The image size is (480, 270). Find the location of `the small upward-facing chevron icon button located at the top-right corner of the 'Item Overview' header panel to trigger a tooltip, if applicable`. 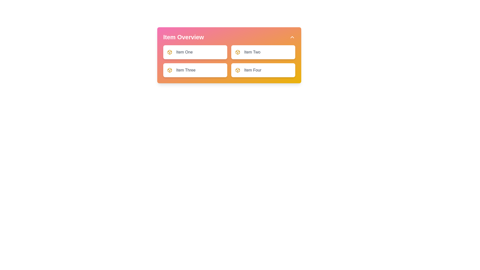

the small upward-facing chevron icon button located at the top-right corner of the 'Item Overview' header panel to trigger a tooltip, if applicable is located at coordinates (292, 37).